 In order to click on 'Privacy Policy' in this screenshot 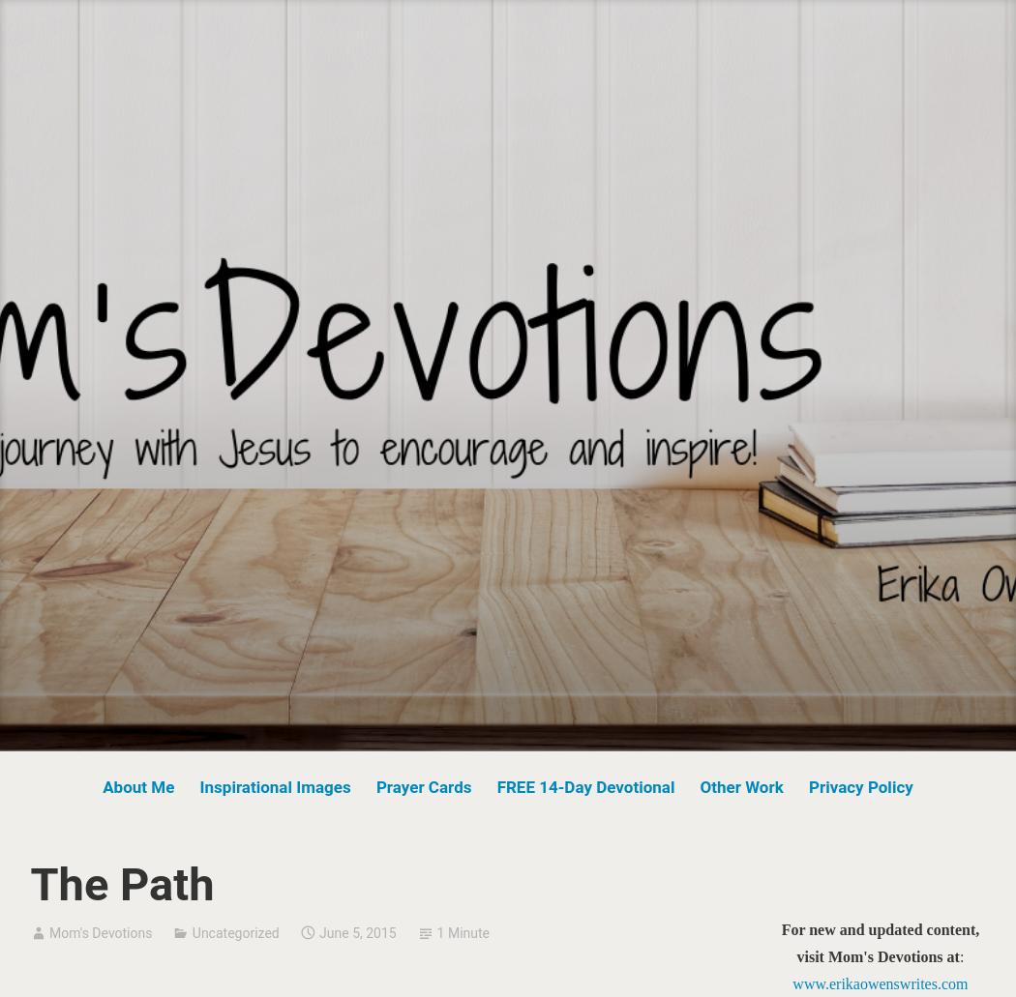, I will do `click(859, 785)`.